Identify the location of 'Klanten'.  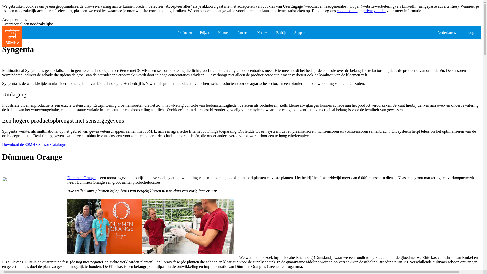
(223, 33).